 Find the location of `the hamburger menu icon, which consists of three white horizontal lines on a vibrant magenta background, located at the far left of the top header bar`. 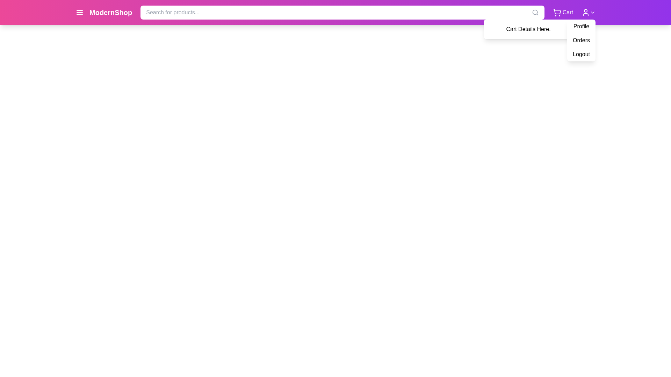

the hamburger menu icon, which consists of three white horizontal lines on a vibrant magenta background, located at the far left of the top header bar is located at coordinates (79, 12).